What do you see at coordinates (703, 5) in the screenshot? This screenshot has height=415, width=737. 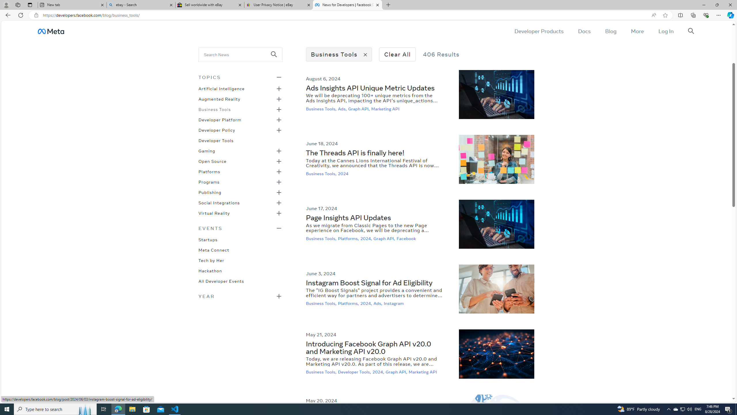 I see `'Minimize'` at bounding box center [703, 5].